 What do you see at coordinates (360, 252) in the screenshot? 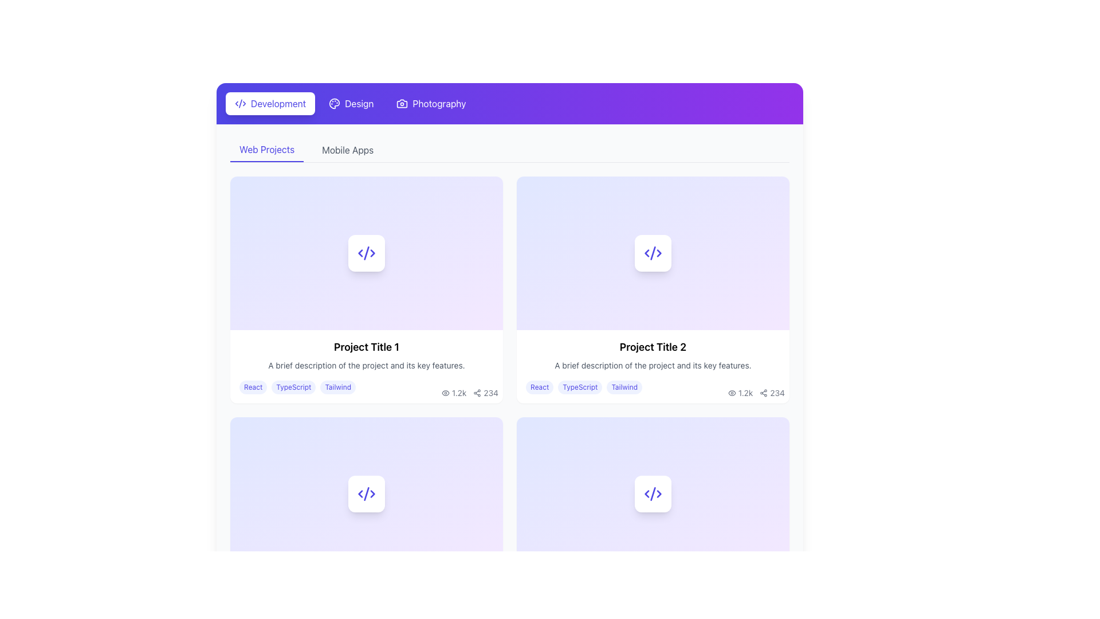
I see `the leftwards pointing arrow icon, which is the second in a horizontal group of three arrows, located inside a circular area at the top of the Project Title card in the Web Projects section` at bounding box center [360, 252].